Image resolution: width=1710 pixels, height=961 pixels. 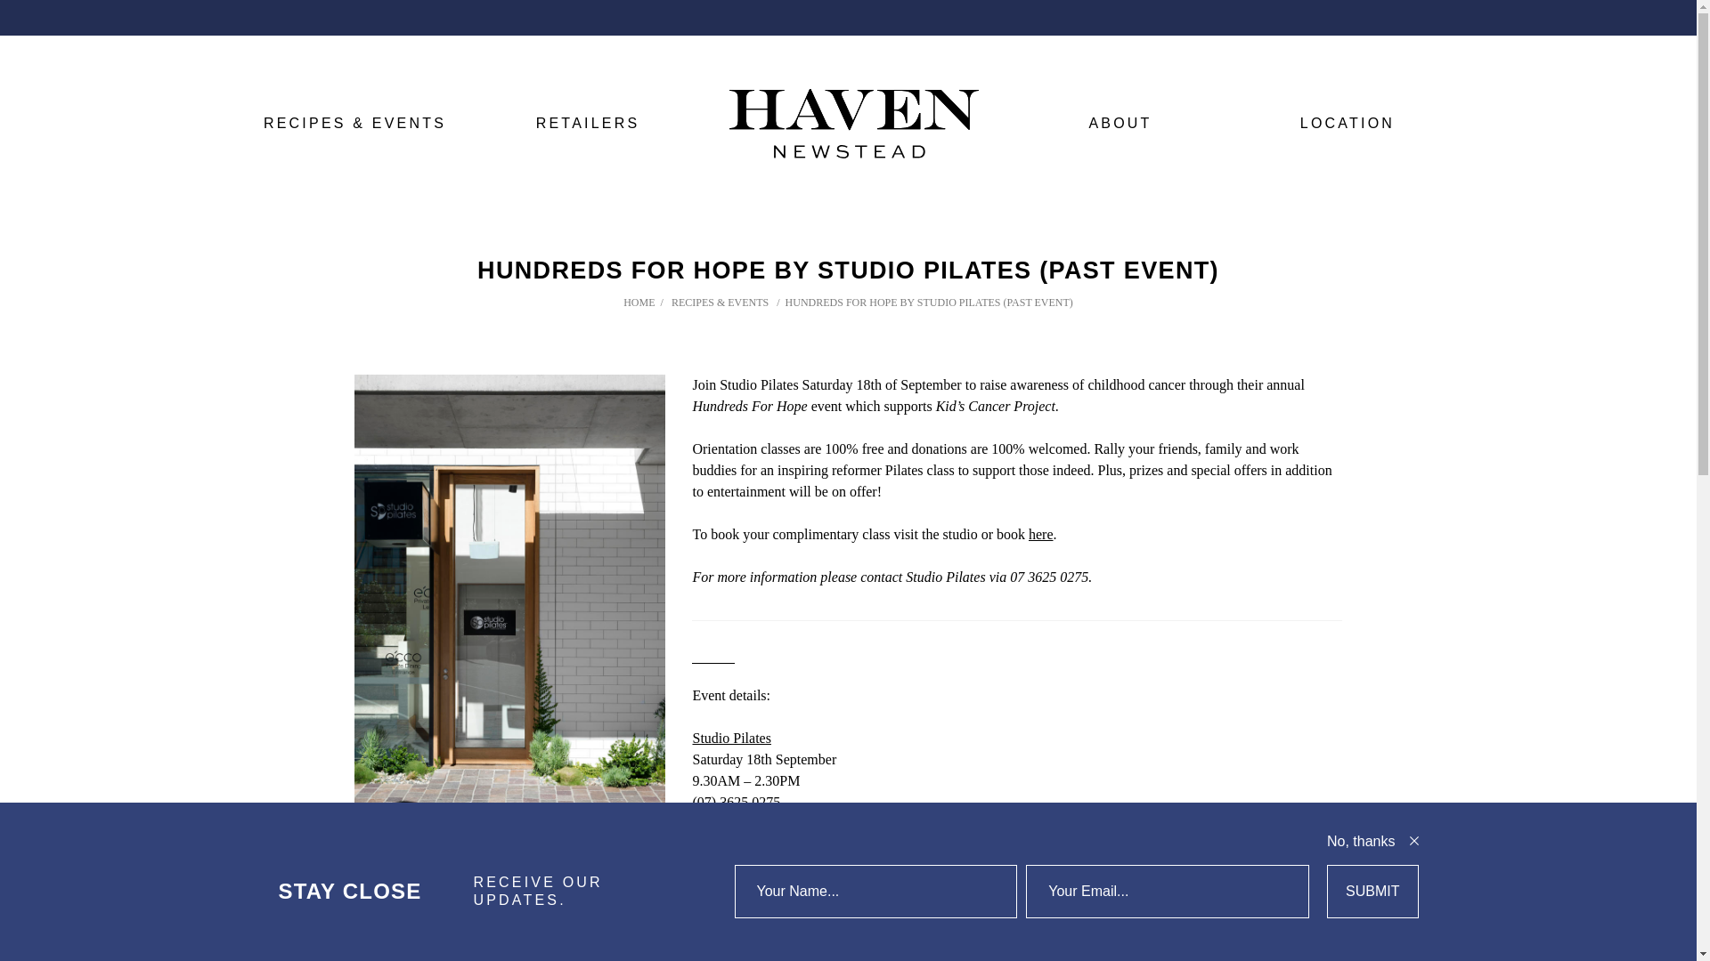 What do you see at coordinates (1041, 533) in the screenshot?
I see `'here'` at bounding box center [1041, 533].